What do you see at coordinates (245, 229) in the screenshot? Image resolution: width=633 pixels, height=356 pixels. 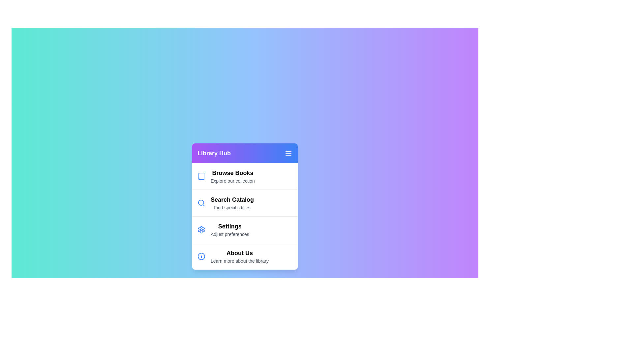 I see `the menu item labeled 'Settings' to highlight it` at bounding box center [245, 229].